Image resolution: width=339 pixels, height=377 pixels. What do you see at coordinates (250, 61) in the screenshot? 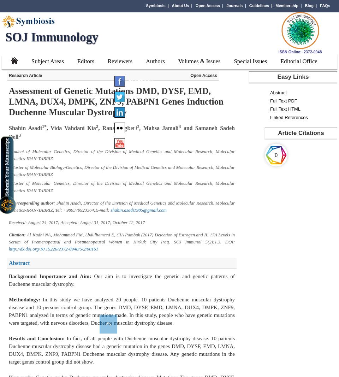
I see `'Special Issues'` at bounding box center [250, 61].